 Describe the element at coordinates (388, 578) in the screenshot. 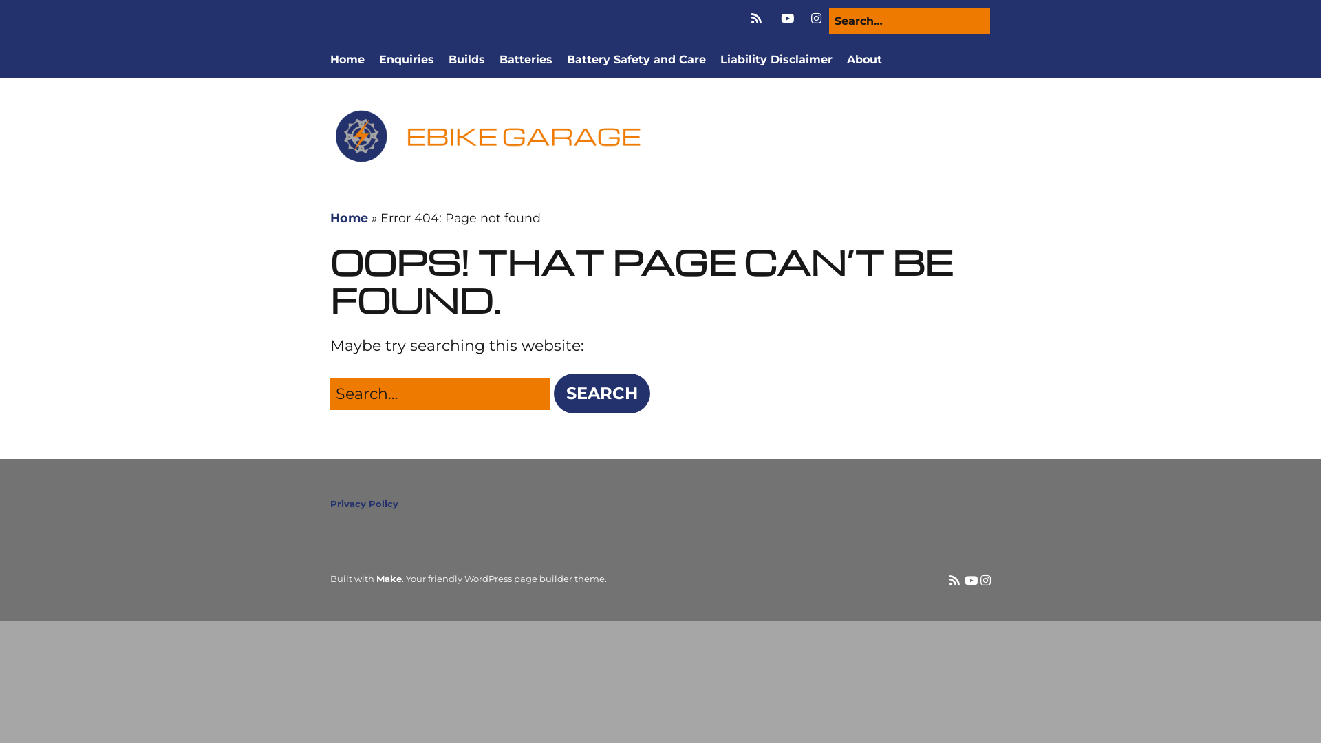

I see `'Make'` at that location.